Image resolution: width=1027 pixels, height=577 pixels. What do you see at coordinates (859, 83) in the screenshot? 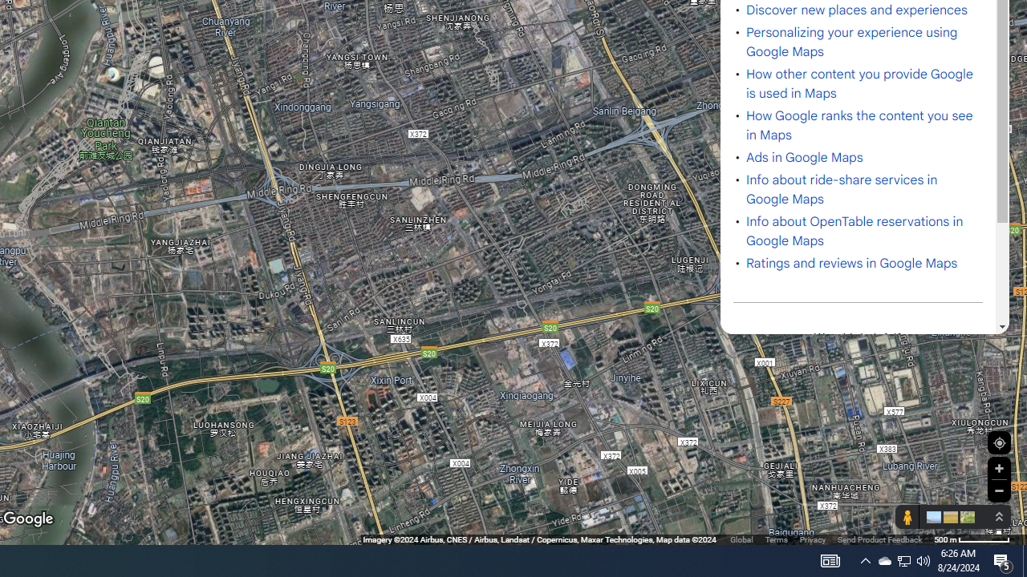
I see `'How other content you provide Google is used in Maps'` at bounding box center [859, 83].